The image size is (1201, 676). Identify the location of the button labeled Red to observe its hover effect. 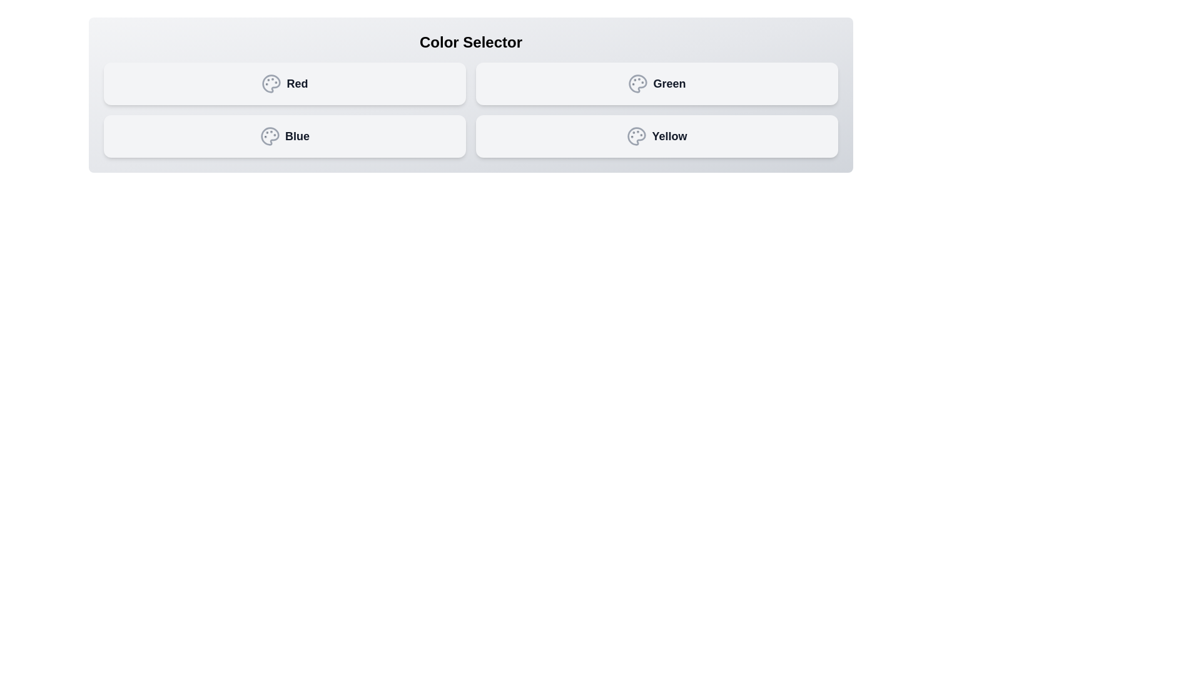
(284, 84).